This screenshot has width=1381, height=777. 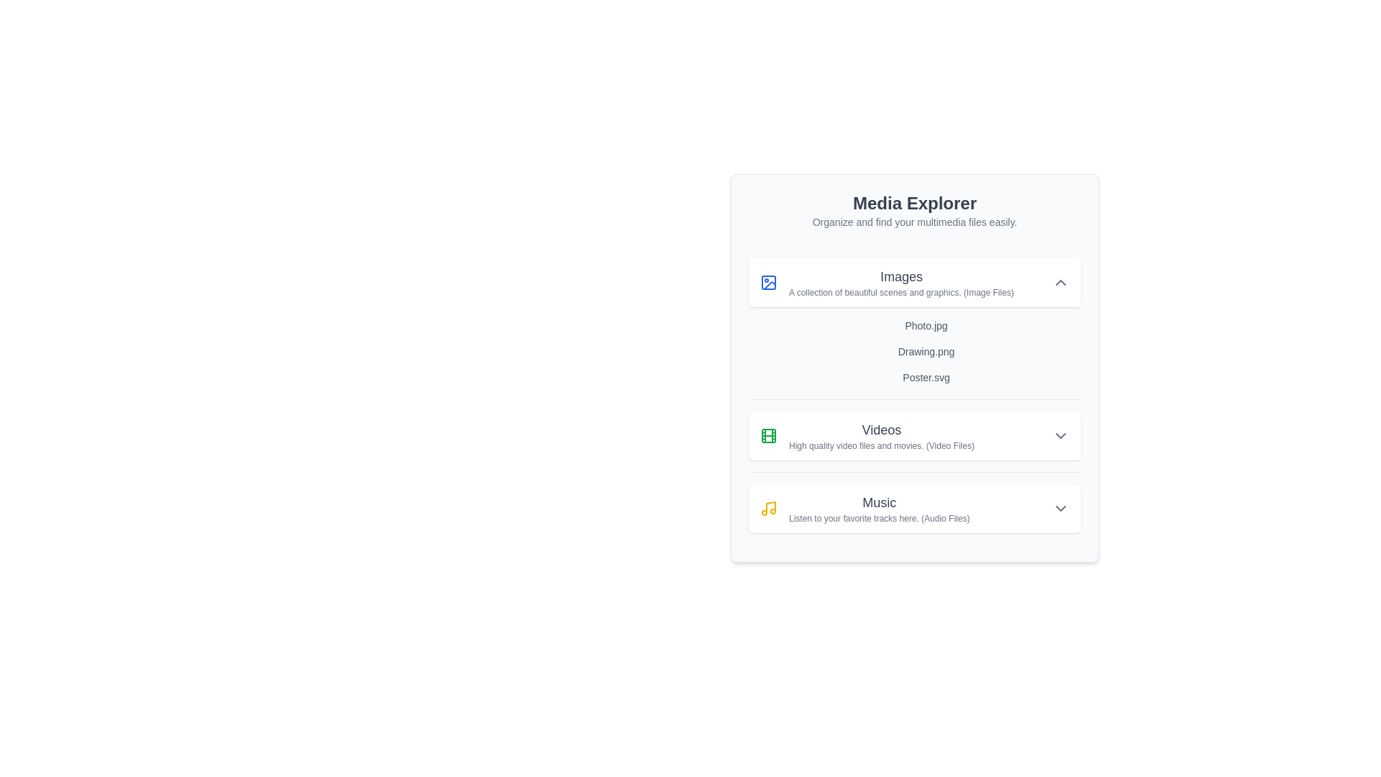 What do you see at coordinates (768, 283) in the screenshot?
I see `the 'Images' icon that visually represents the 'Images' section, located at the left end of the horizontal grouping with the text 'Images' and the description 'A collection of beautiful scenes and graphics. (Image Files).'` at bounding box center [768, 283].